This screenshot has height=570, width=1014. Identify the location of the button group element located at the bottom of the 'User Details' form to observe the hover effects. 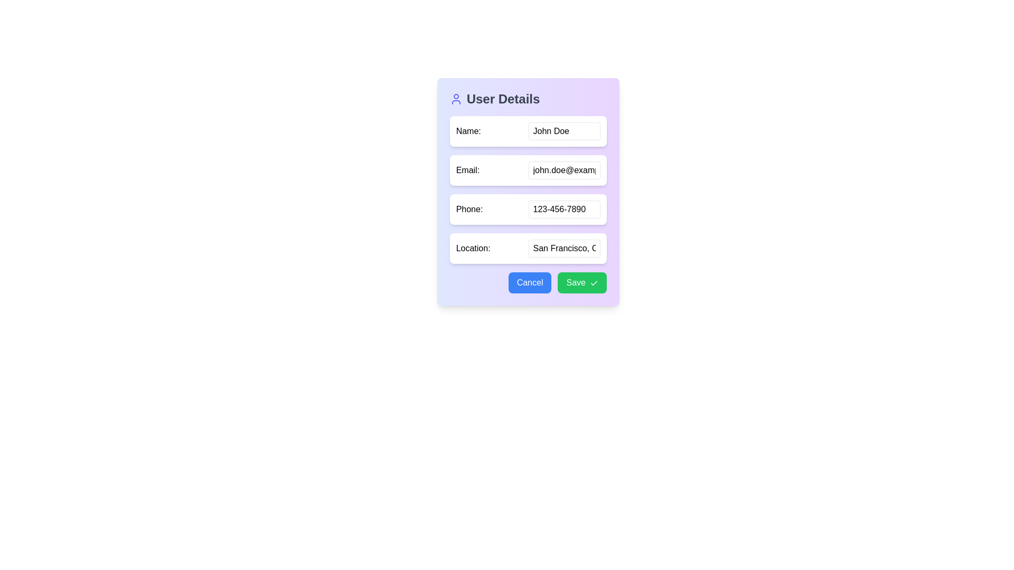
(528, 282).